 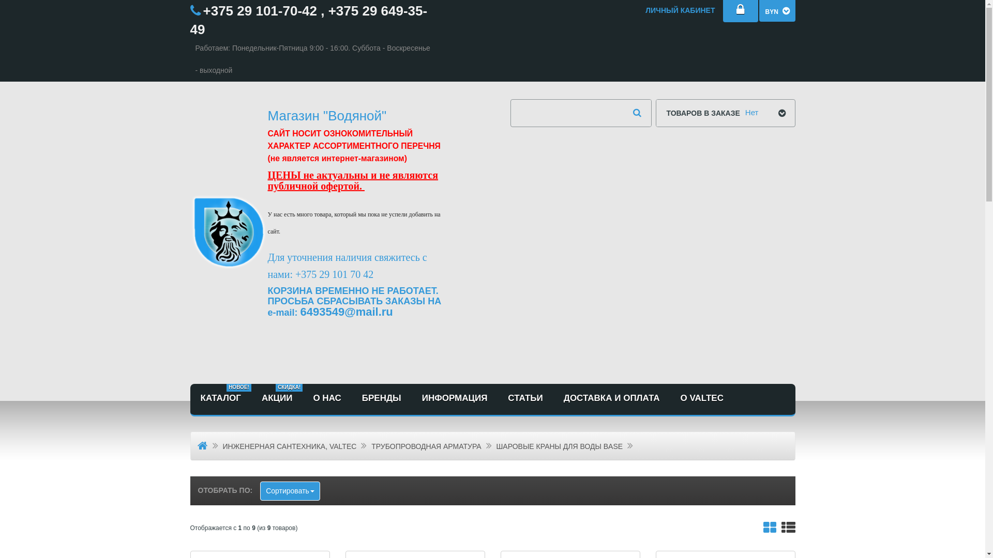 I want to click on 'O VALTEC', so click(x=702, y=398).